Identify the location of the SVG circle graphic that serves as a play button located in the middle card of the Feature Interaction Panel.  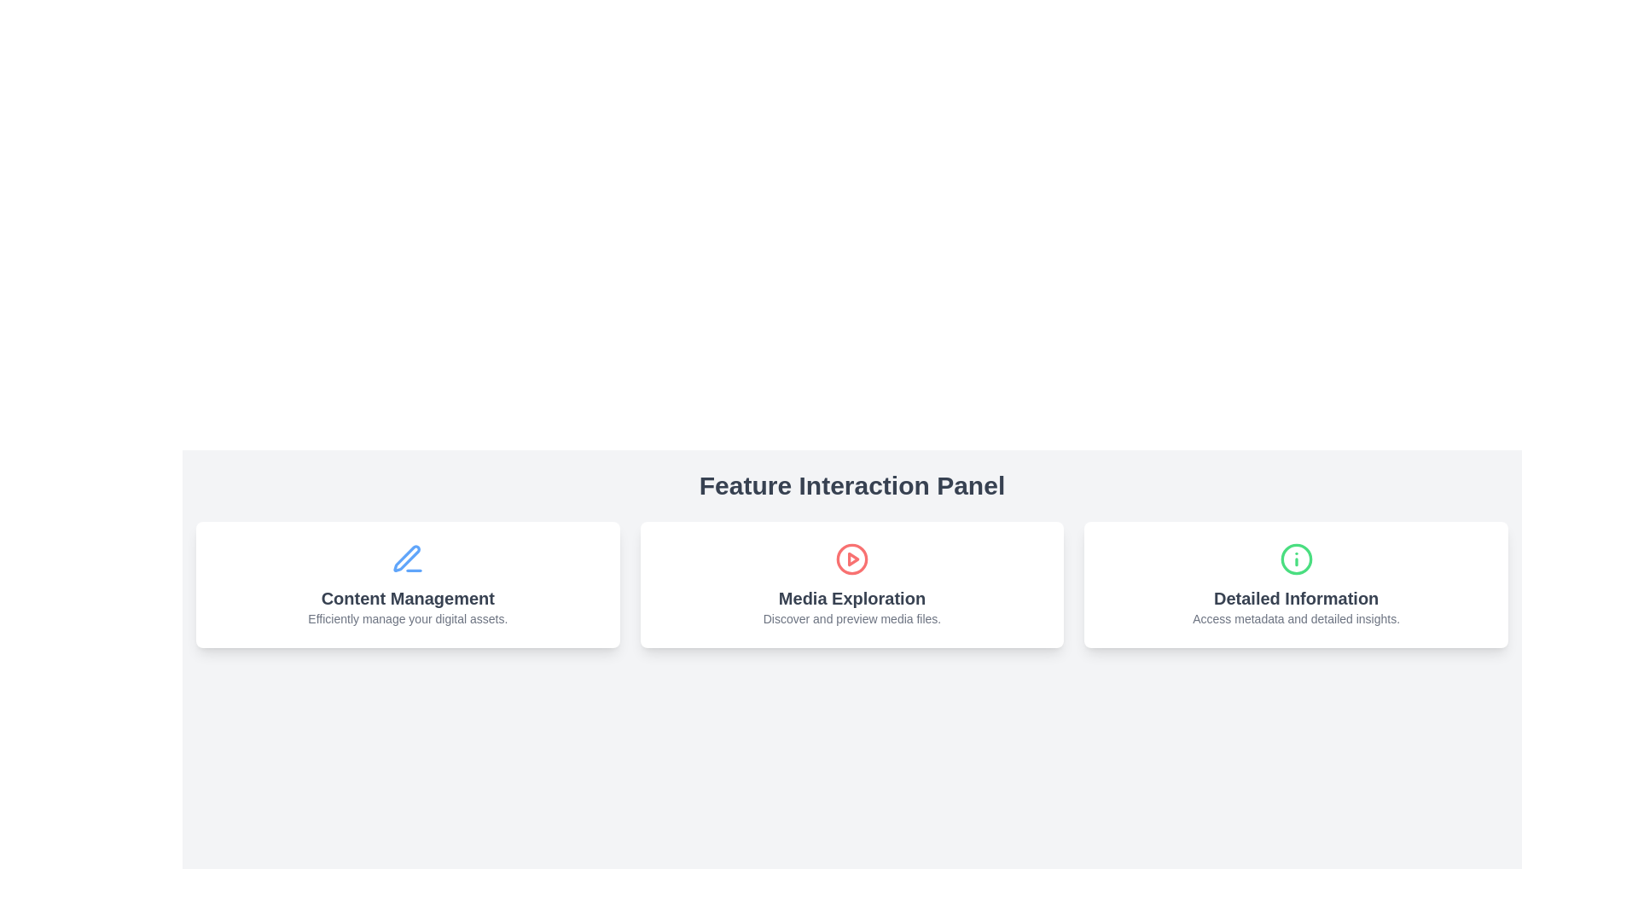
(851, 559).